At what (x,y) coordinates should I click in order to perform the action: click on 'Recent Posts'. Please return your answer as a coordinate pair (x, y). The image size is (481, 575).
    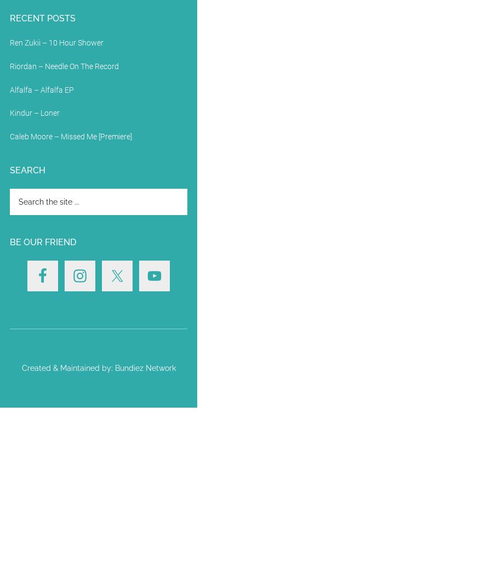
    Looking at the image, I should click on (42, 17).